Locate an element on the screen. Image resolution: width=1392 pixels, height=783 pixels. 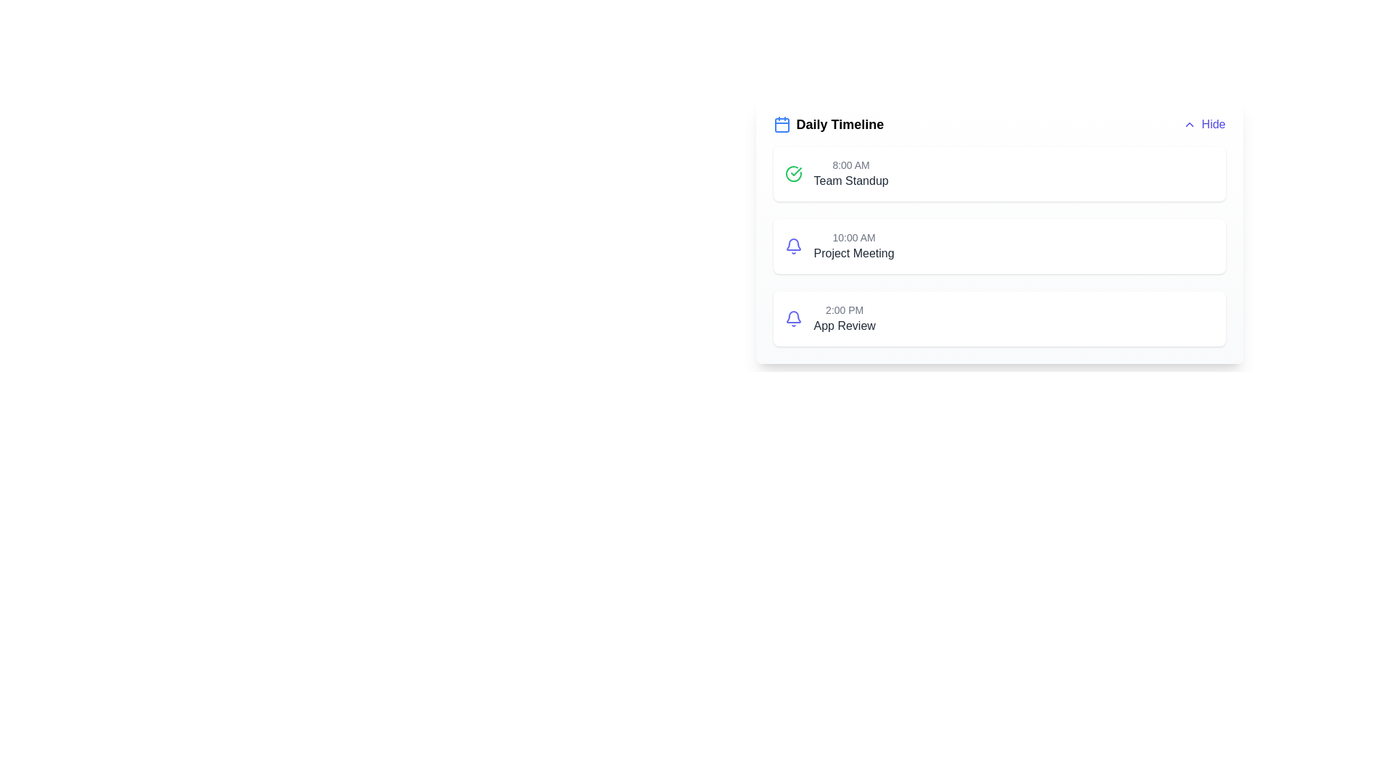
the text label reading 'Project Meeting' which is styled in a medium font size with a gray-dark text color, positioned directly below the time label '10:00 AM' in a schedule interface is located at coordinates (854, 253).